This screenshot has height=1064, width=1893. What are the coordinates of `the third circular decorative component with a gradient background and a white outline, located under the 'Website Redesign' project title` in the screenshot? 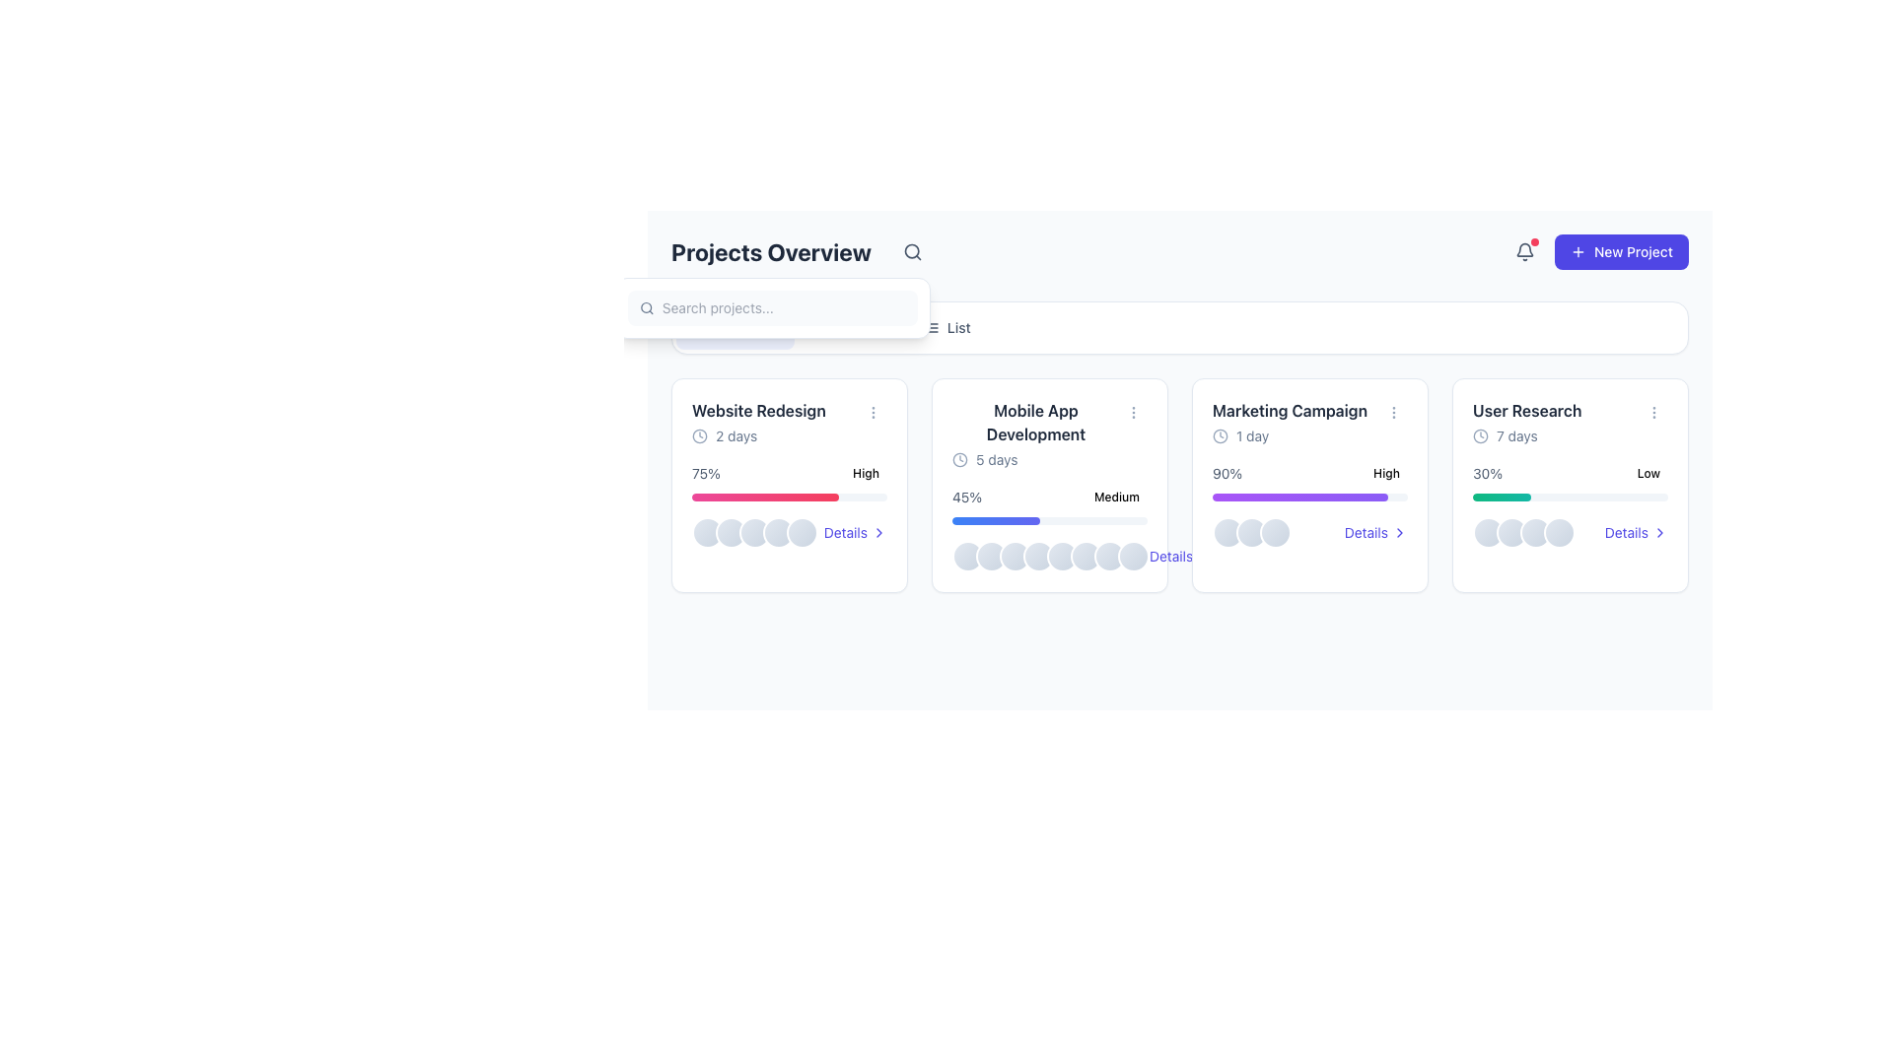 It's located at (754, 532).